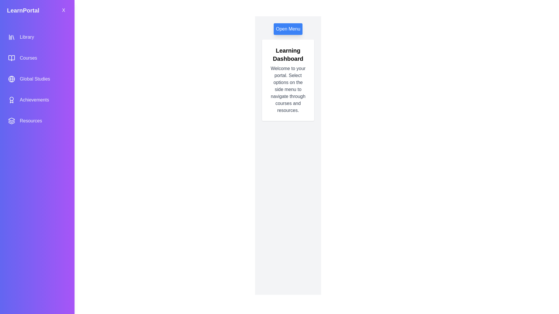 Image resolution: width=559 pixels, height=314 pixels. What do you see at coordinates (37, 58) in the screenshot?
I see `the menu option Courses from the side menu` at bounding box center [37, 58].